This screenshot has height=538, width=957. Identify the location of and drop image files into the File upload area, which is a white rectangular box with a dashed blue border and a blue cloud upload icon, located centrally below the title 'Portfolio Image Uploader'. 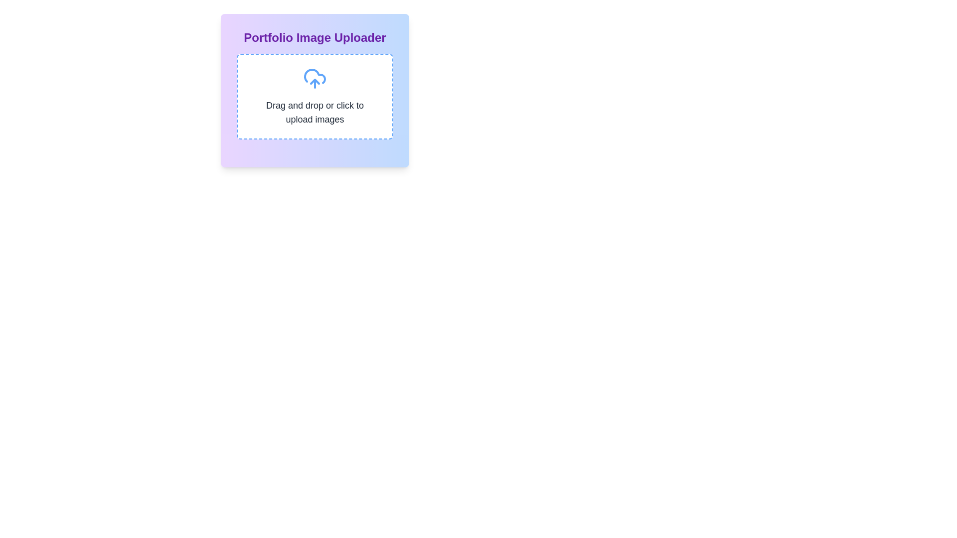
(315, 96).